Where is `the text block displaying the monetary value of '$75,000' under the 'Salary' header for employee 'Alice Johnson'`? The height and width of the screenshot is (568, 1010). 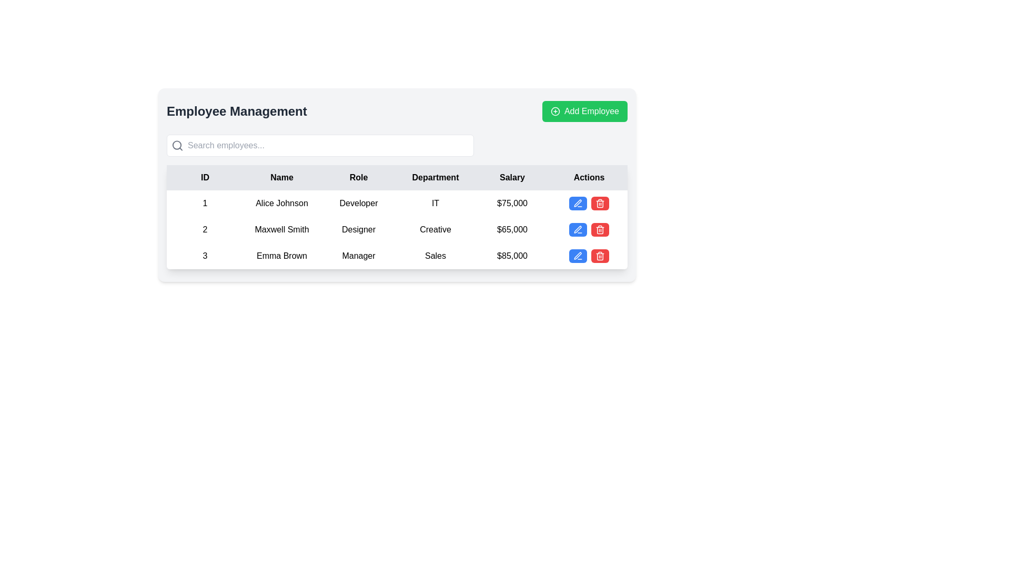 the text block displaying the monetary value of '$75,000' under the 'Salary' header for employee 'Alice Johnson' is located at coordinates (512, 203).